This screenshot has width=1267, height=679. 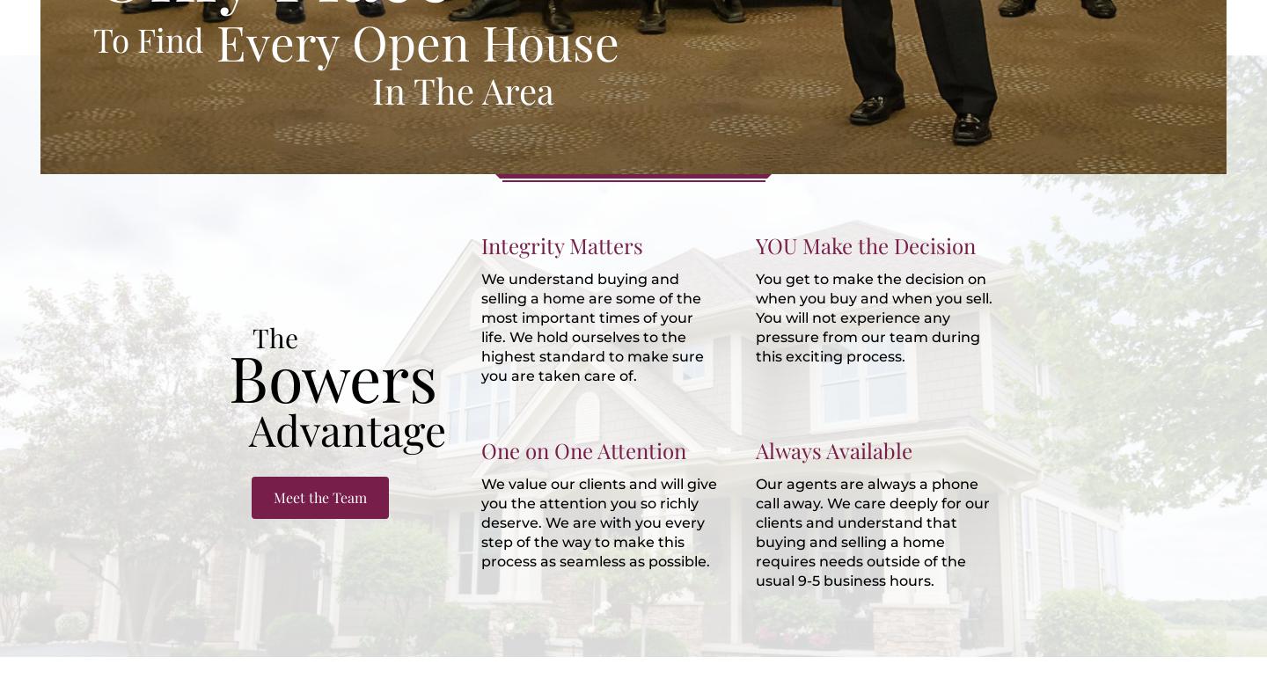 What do you see at coordinates (331, 375) in the screenshot?
I see `'Bowers'` at bounding box center [331, 375].